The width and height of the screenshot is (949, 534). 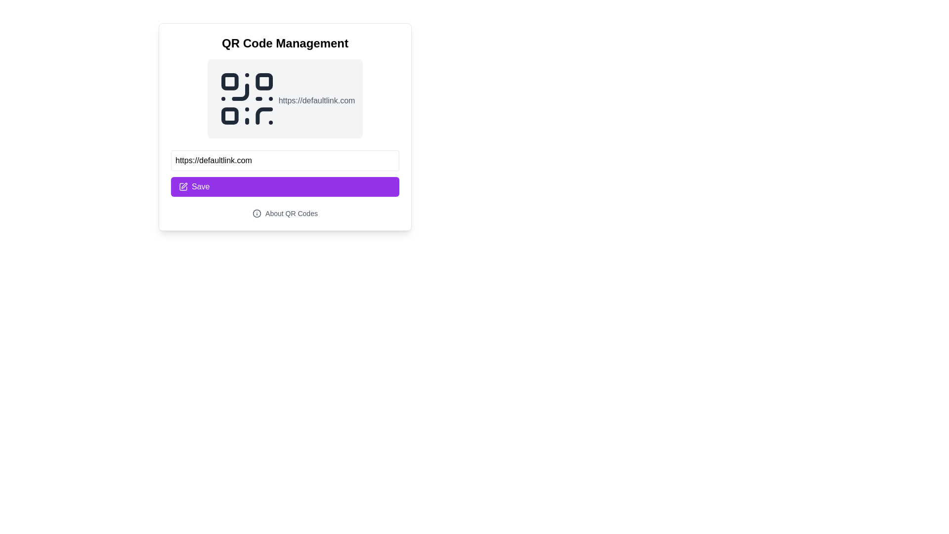 I want to click on the second square in the top row of the QR code, which is part of the QR code graphic used for data scanning, so click(x=264, y=81).